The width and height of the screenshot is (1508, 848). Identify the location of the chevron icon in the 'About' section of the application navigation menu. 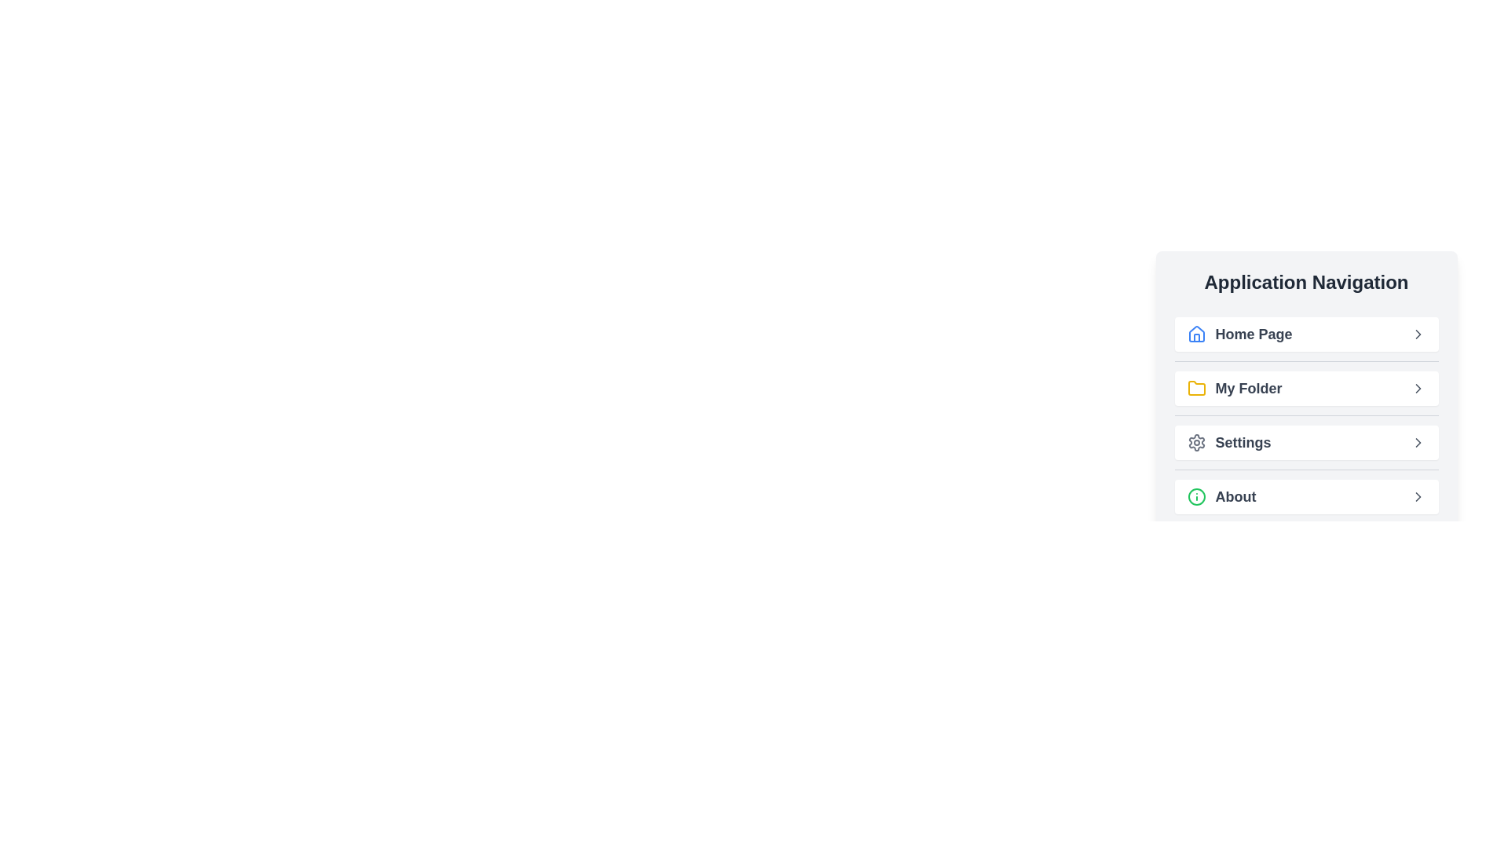
(1418, 496).